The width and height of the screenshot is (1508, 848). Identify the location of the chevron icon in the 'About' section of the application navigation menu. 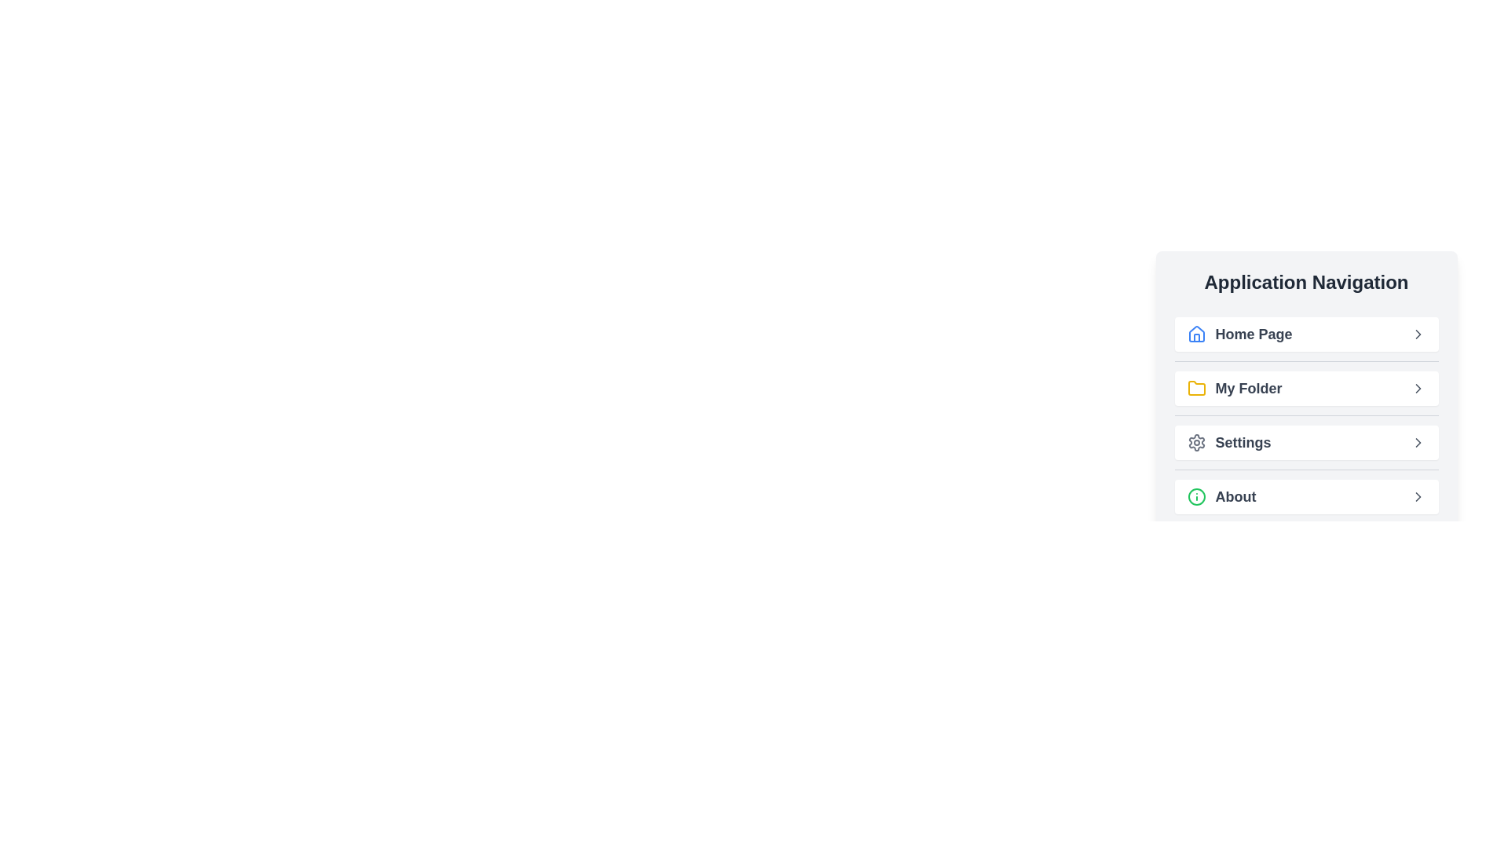
(1418, 496).